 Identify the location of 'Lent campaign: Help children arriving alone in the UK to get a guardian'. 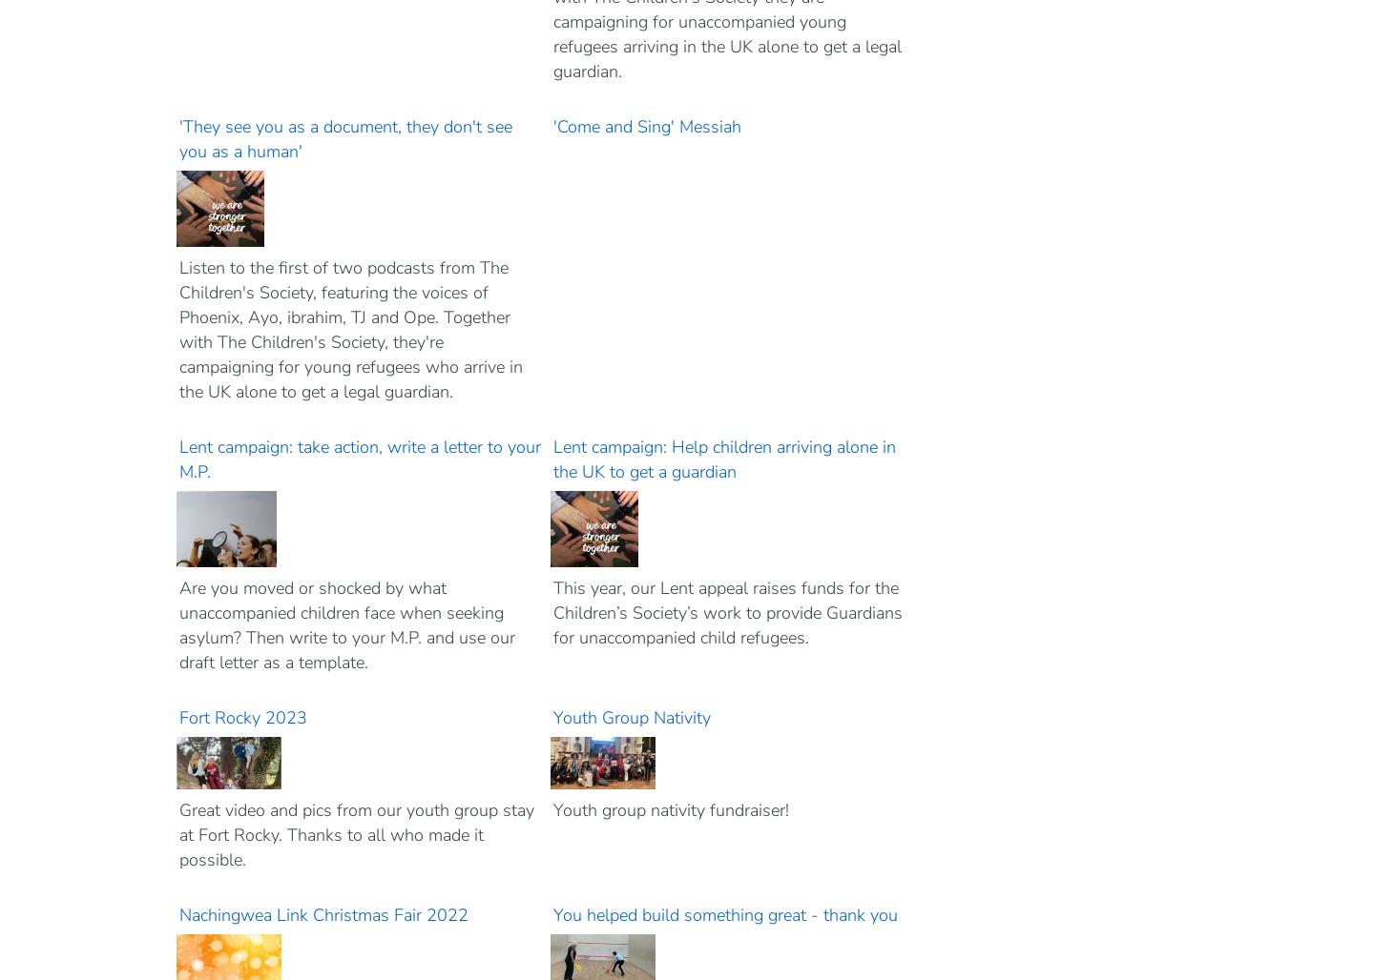
(722, 459).